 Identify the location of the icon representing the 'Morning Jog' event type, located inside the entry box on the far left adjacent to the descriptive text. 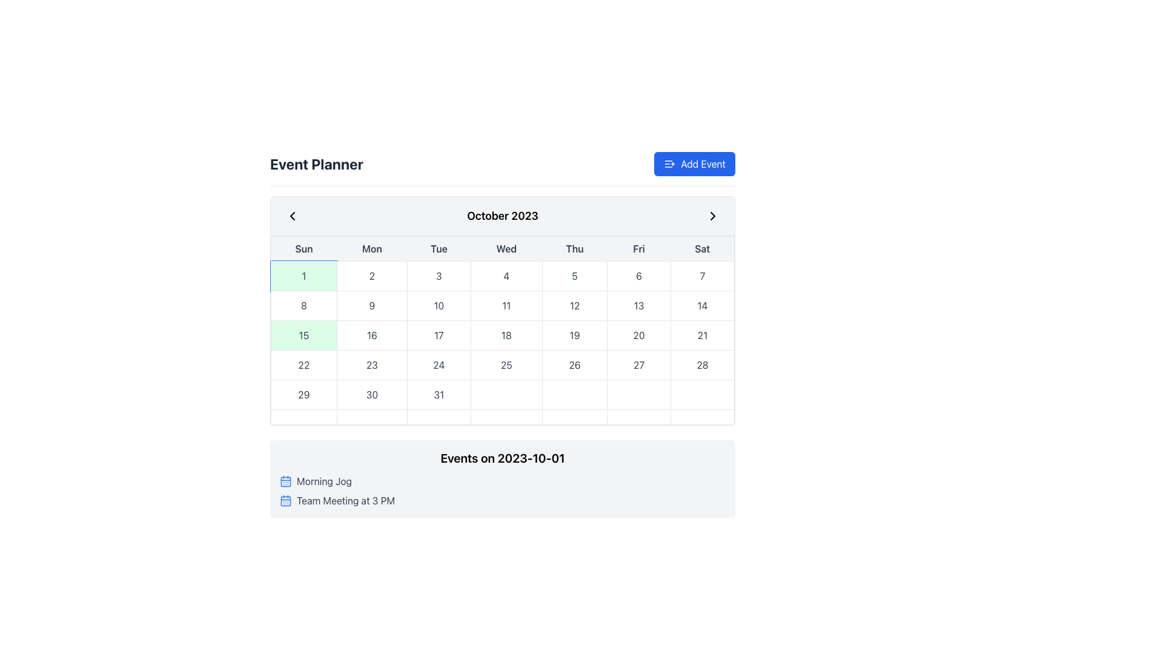
(285, 480).